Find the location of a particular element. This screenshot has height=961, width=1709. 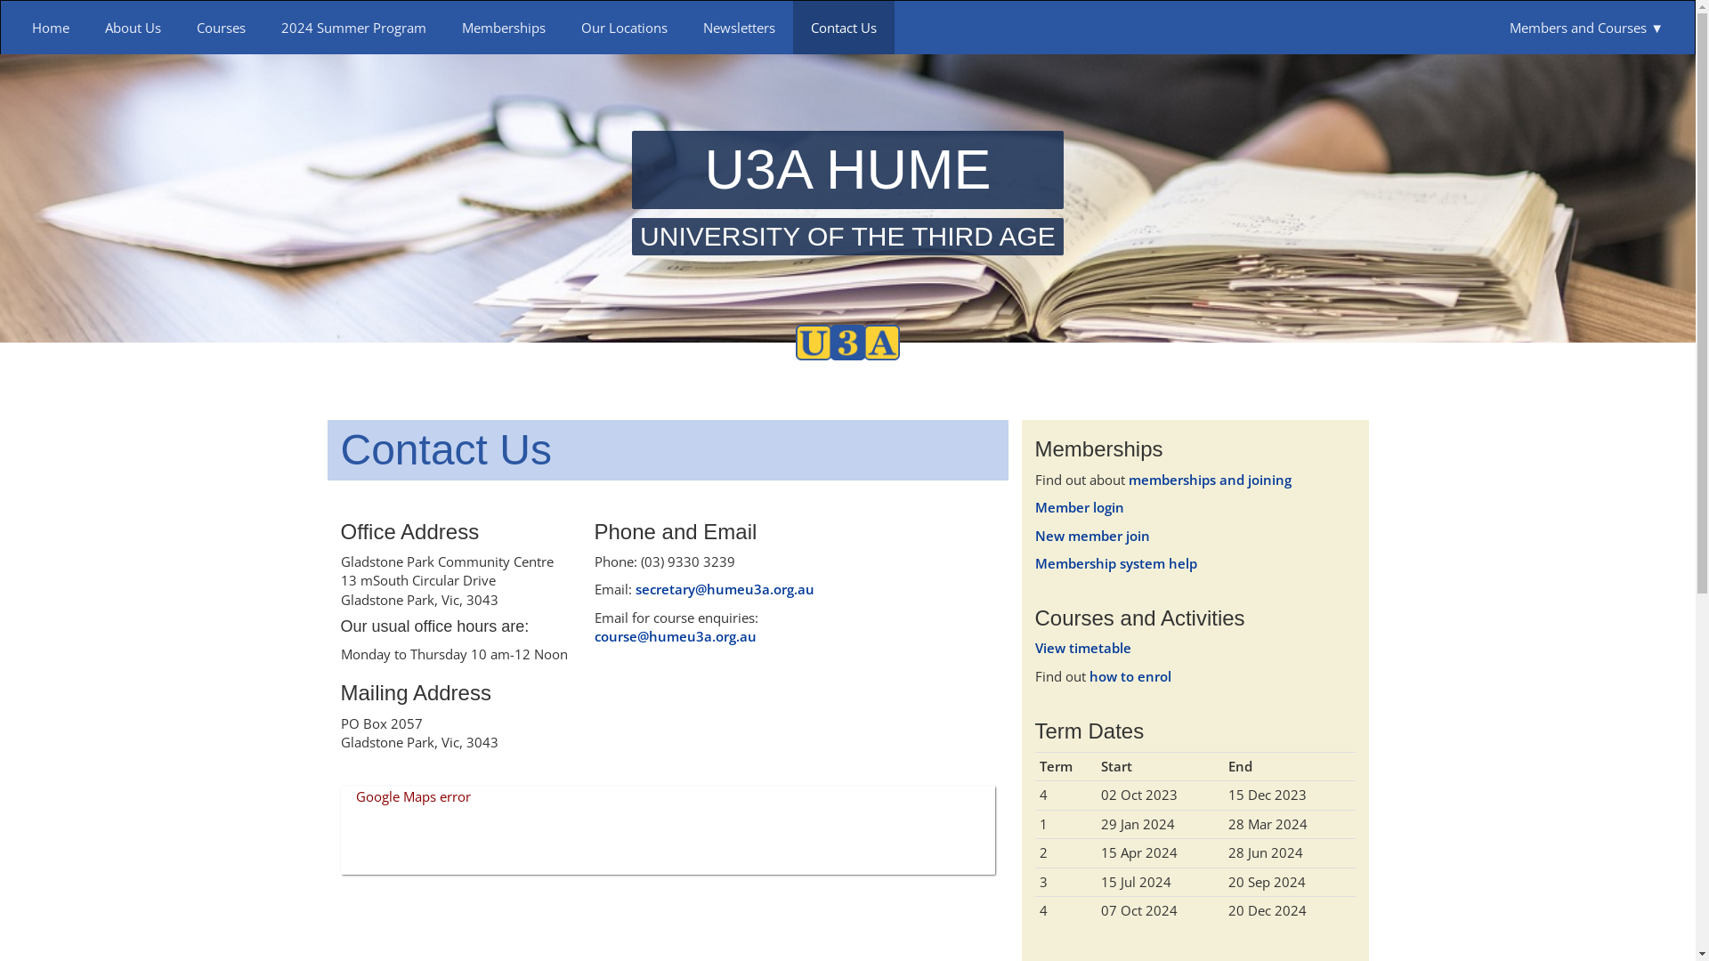

'About Us' is located at coordinates (132, 27).